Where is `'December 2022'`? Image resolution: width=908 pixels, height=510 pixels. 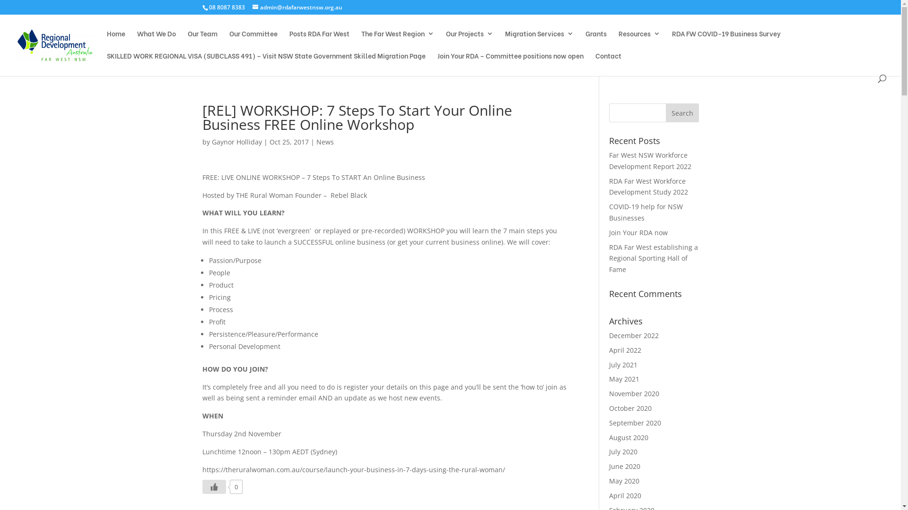
'December 2022' is located at coordinates (634, 335).